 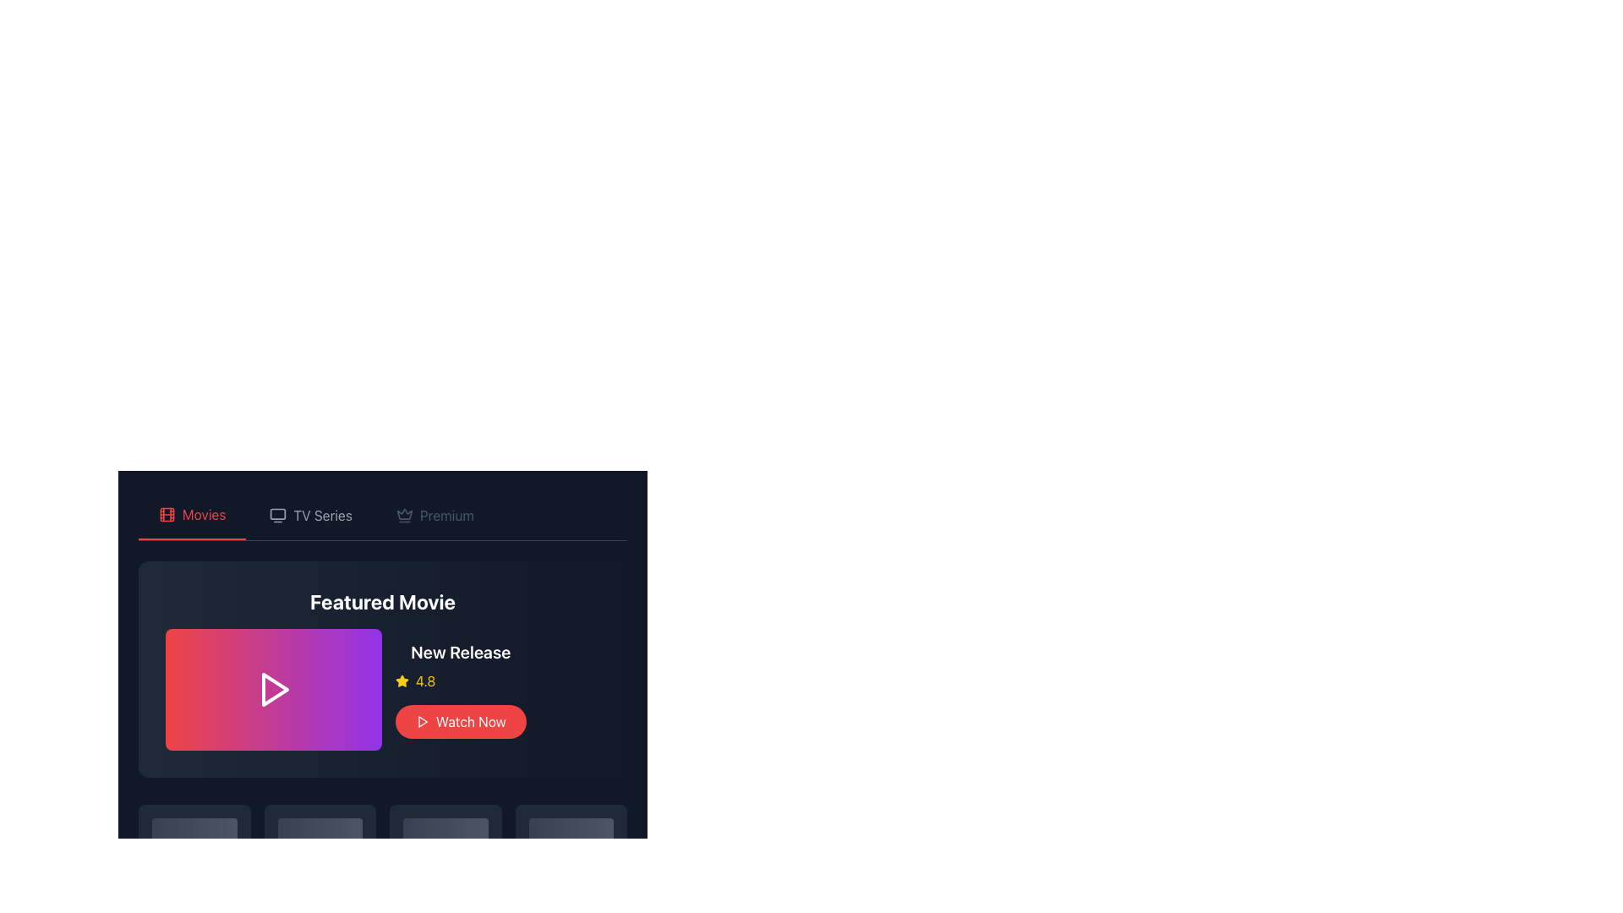 What do you see at coordinates (403, 513) in the screenshot?
I see `the crown icon in the top navigation bar, which denotes a premium feature, located between the 'TV Series' label and the 'Premium' label` at bounding box center [403, 513].